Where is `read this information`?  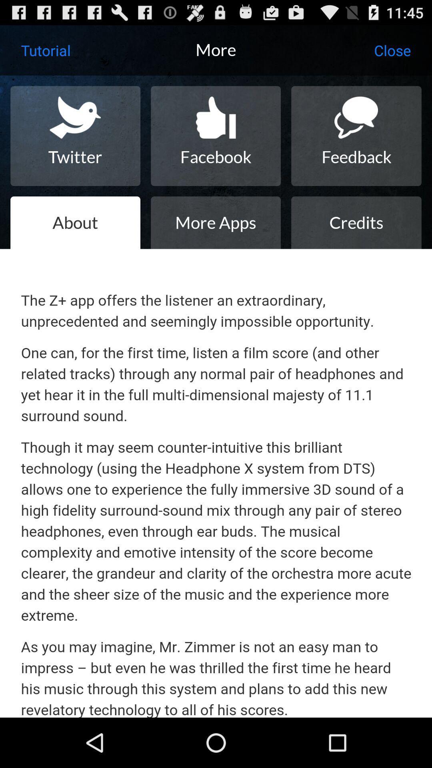 read this information is located at coordinates (216, 483).